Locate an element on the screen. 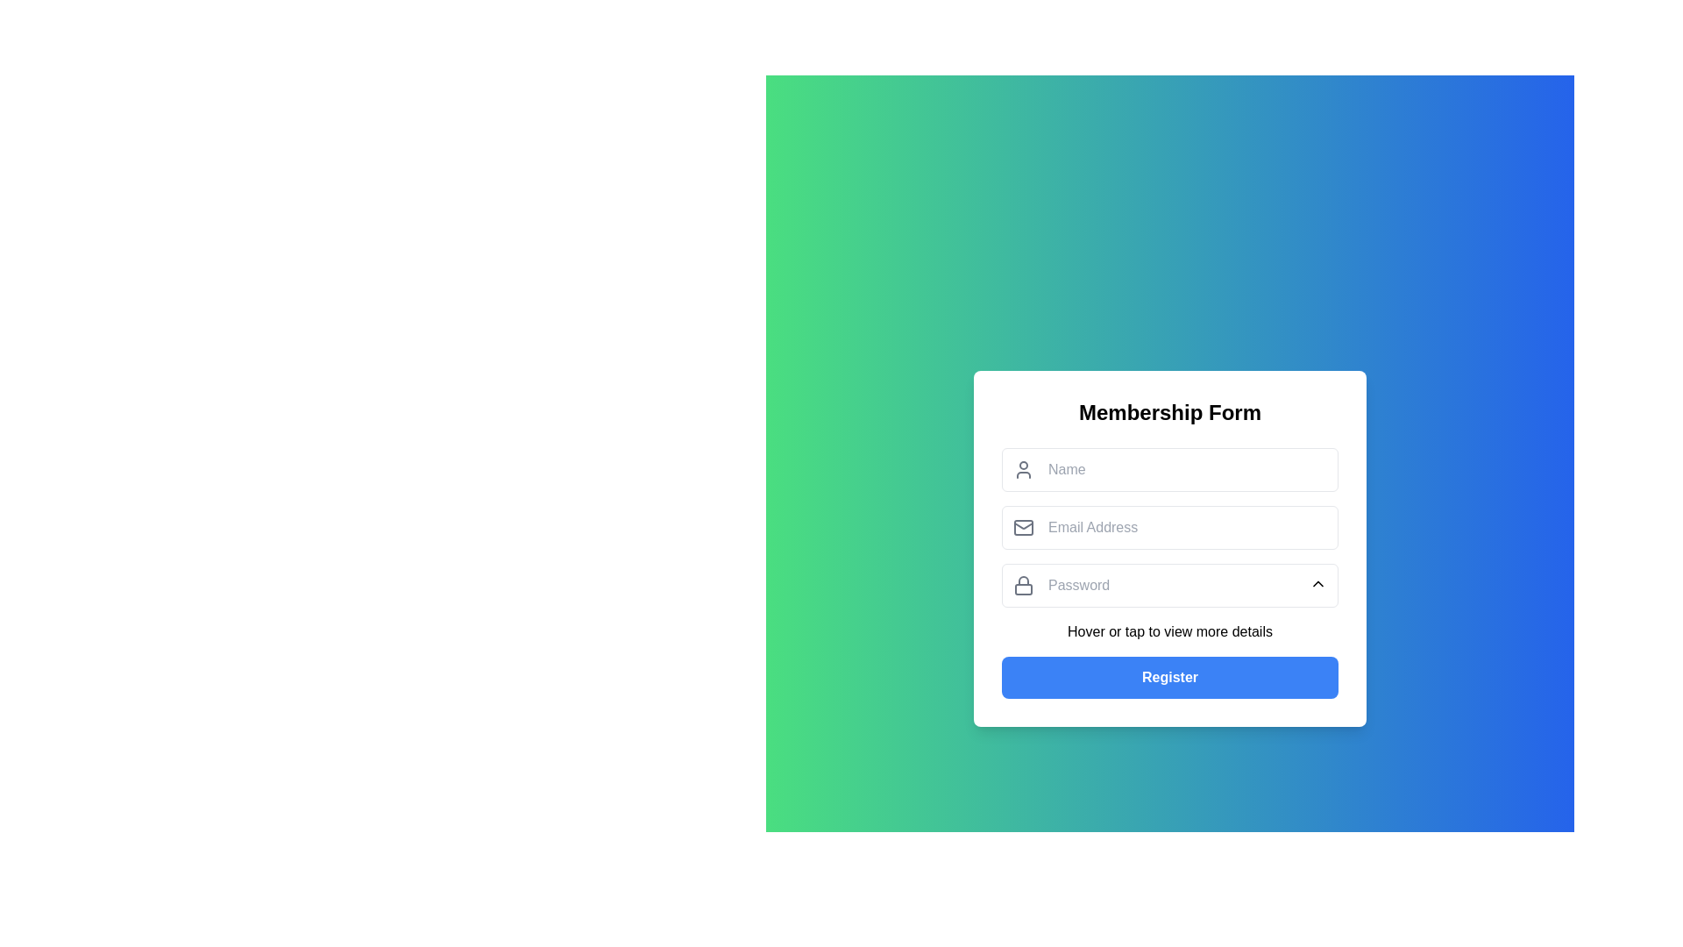 Image resolution: width=1683 pixels, height=947 pixels. the decorative icon located on the left side of the 'Password' input field, which indicates secure information entry is located at coordinates (1023, 585).